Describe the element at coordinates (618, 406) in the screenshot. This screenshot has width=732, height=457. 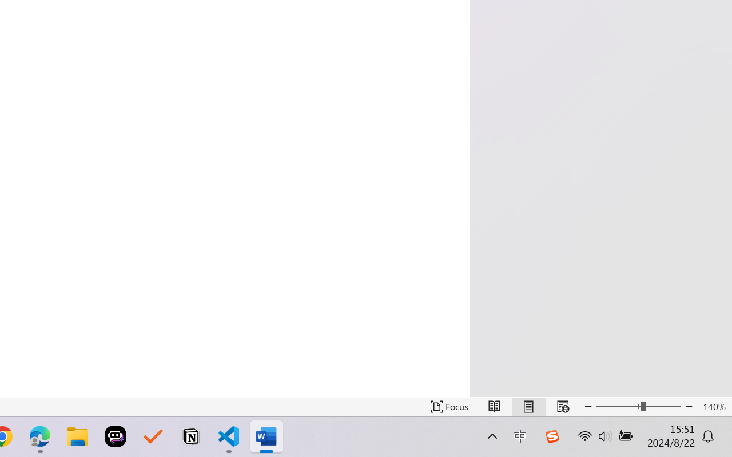
I see `'Zoom Out'` at that location.